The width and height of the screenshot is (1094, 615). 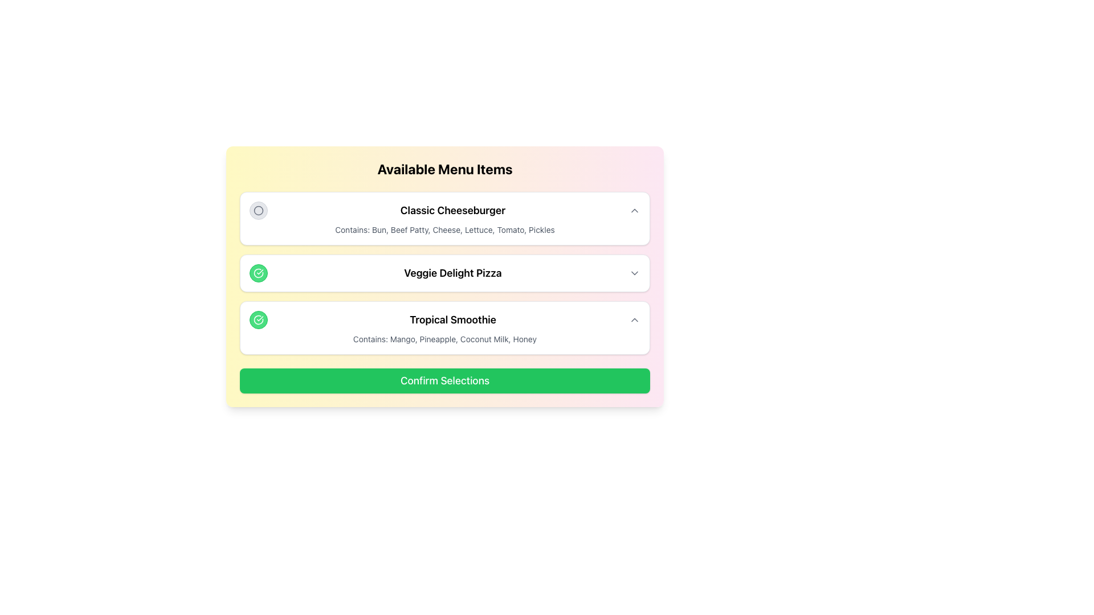 What do you see at coordinates (634, 320) in the screenshot?
I see `the chevron icon button for the 'Tropical Smoothie' item to change its style` at bounding box center [634, 320].